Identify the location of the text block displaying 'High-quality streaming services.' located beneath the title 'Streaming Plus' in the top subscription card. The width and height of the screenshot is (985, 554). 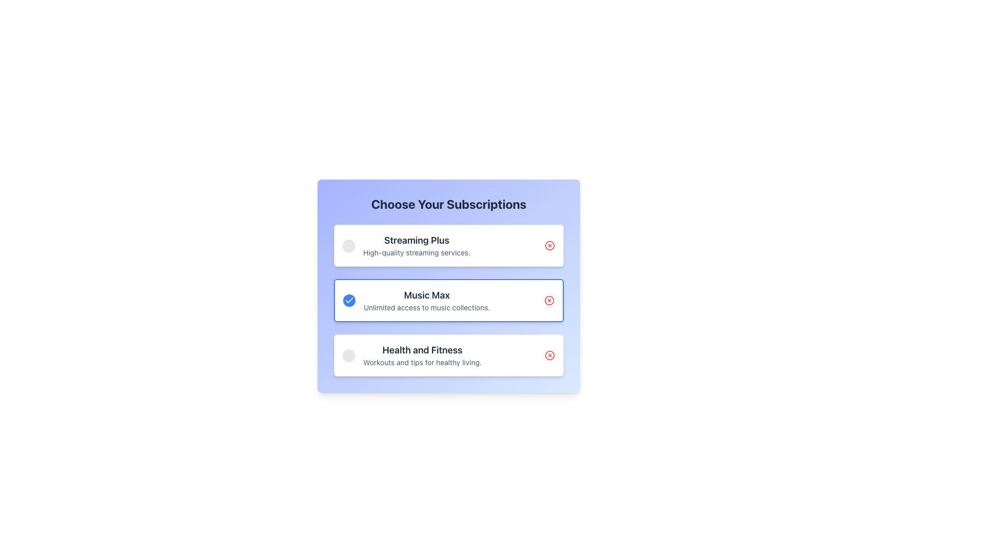
(417, 253).